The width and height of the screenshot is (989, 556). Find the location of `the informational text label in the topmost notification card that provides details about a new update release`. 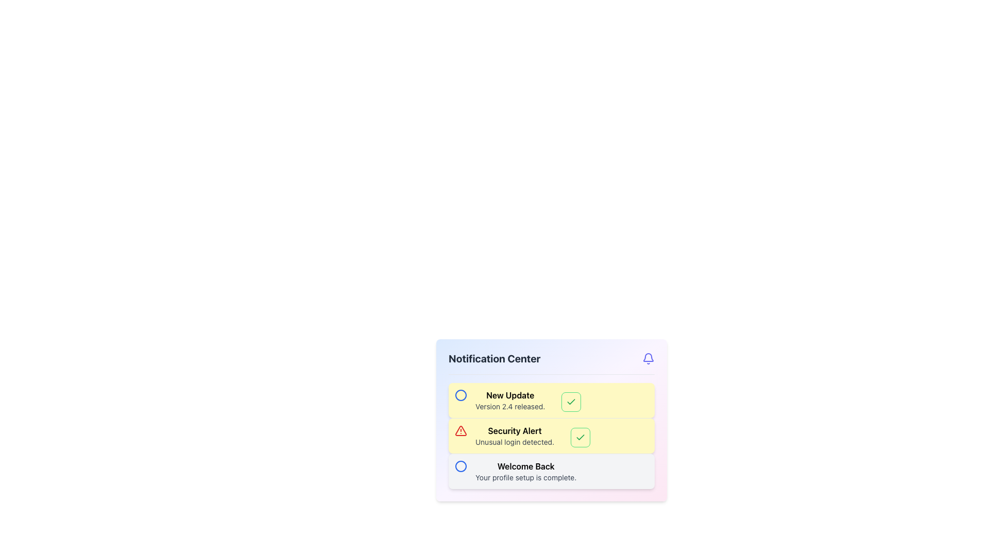

the informational text label in the topmost notification card that provides details about a new update release is located at coordinates (510, 400).